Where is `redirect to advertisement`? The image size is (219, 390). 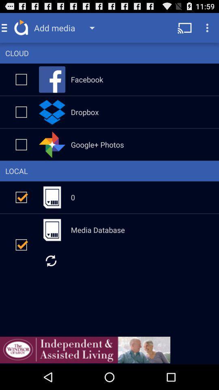 redirect to advertisement is located at coordinates (85, 349).